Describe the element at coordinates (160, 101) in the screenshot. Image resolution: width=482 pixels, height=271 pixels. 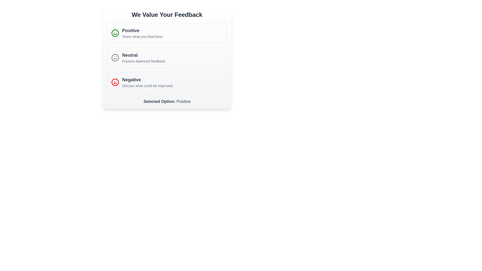
I see `the text label displaying 'Selected Option:' in bold dark gray font, located near the bottom of the interface under feedback options` at that location.